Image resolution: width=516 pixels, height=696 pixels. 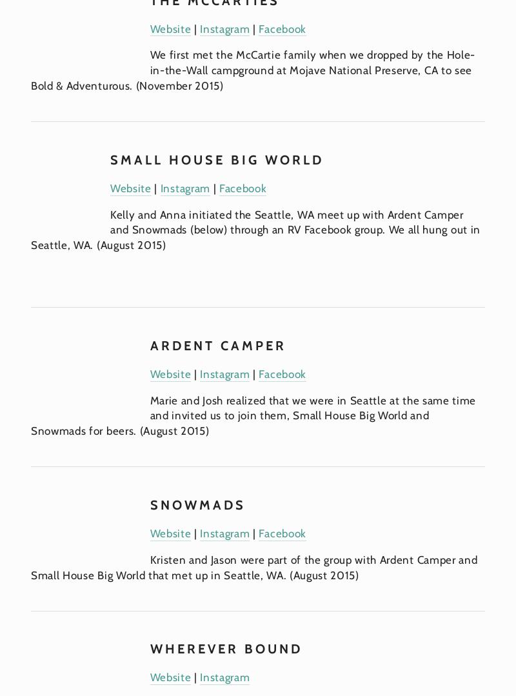 What do you see at coordinates (30, 566) in the screenshot?
I see `'Kristen and Jason were part of the group with Ardent Camper and Small House Big World that met up in Seattle, WA. (August 2015)'` at bounding box center [30, 566].